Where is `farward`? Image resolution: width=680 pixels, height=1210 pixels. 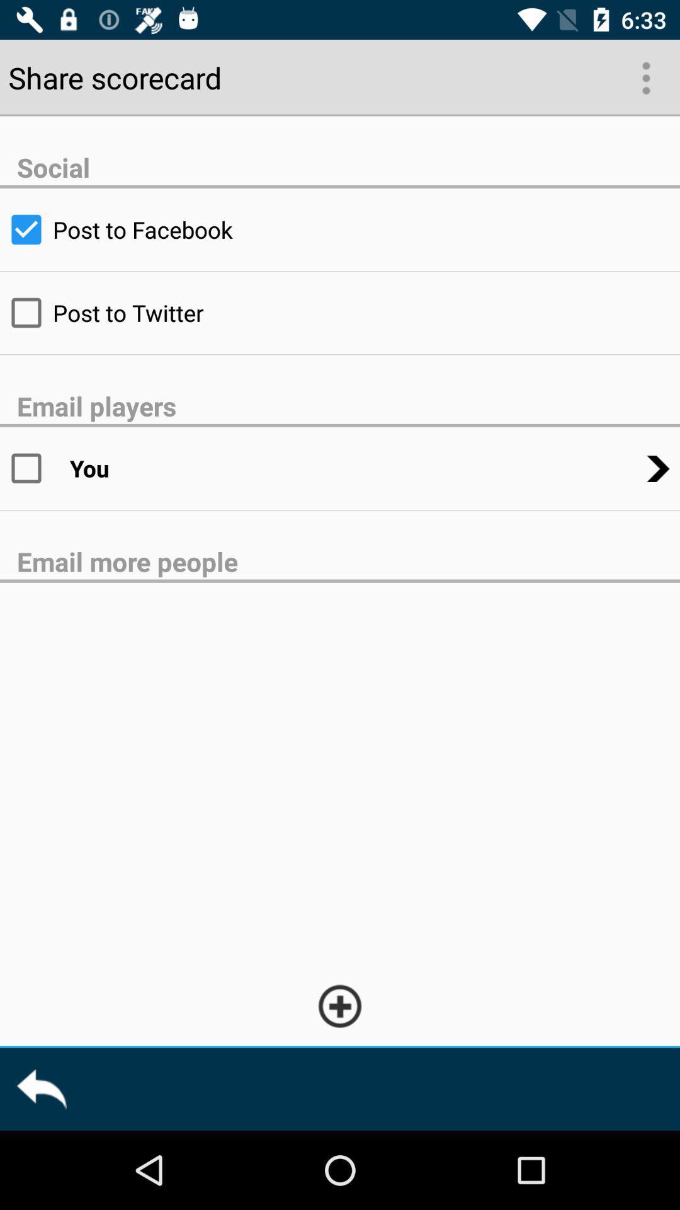
farward is located at coordinates (40, 1088).